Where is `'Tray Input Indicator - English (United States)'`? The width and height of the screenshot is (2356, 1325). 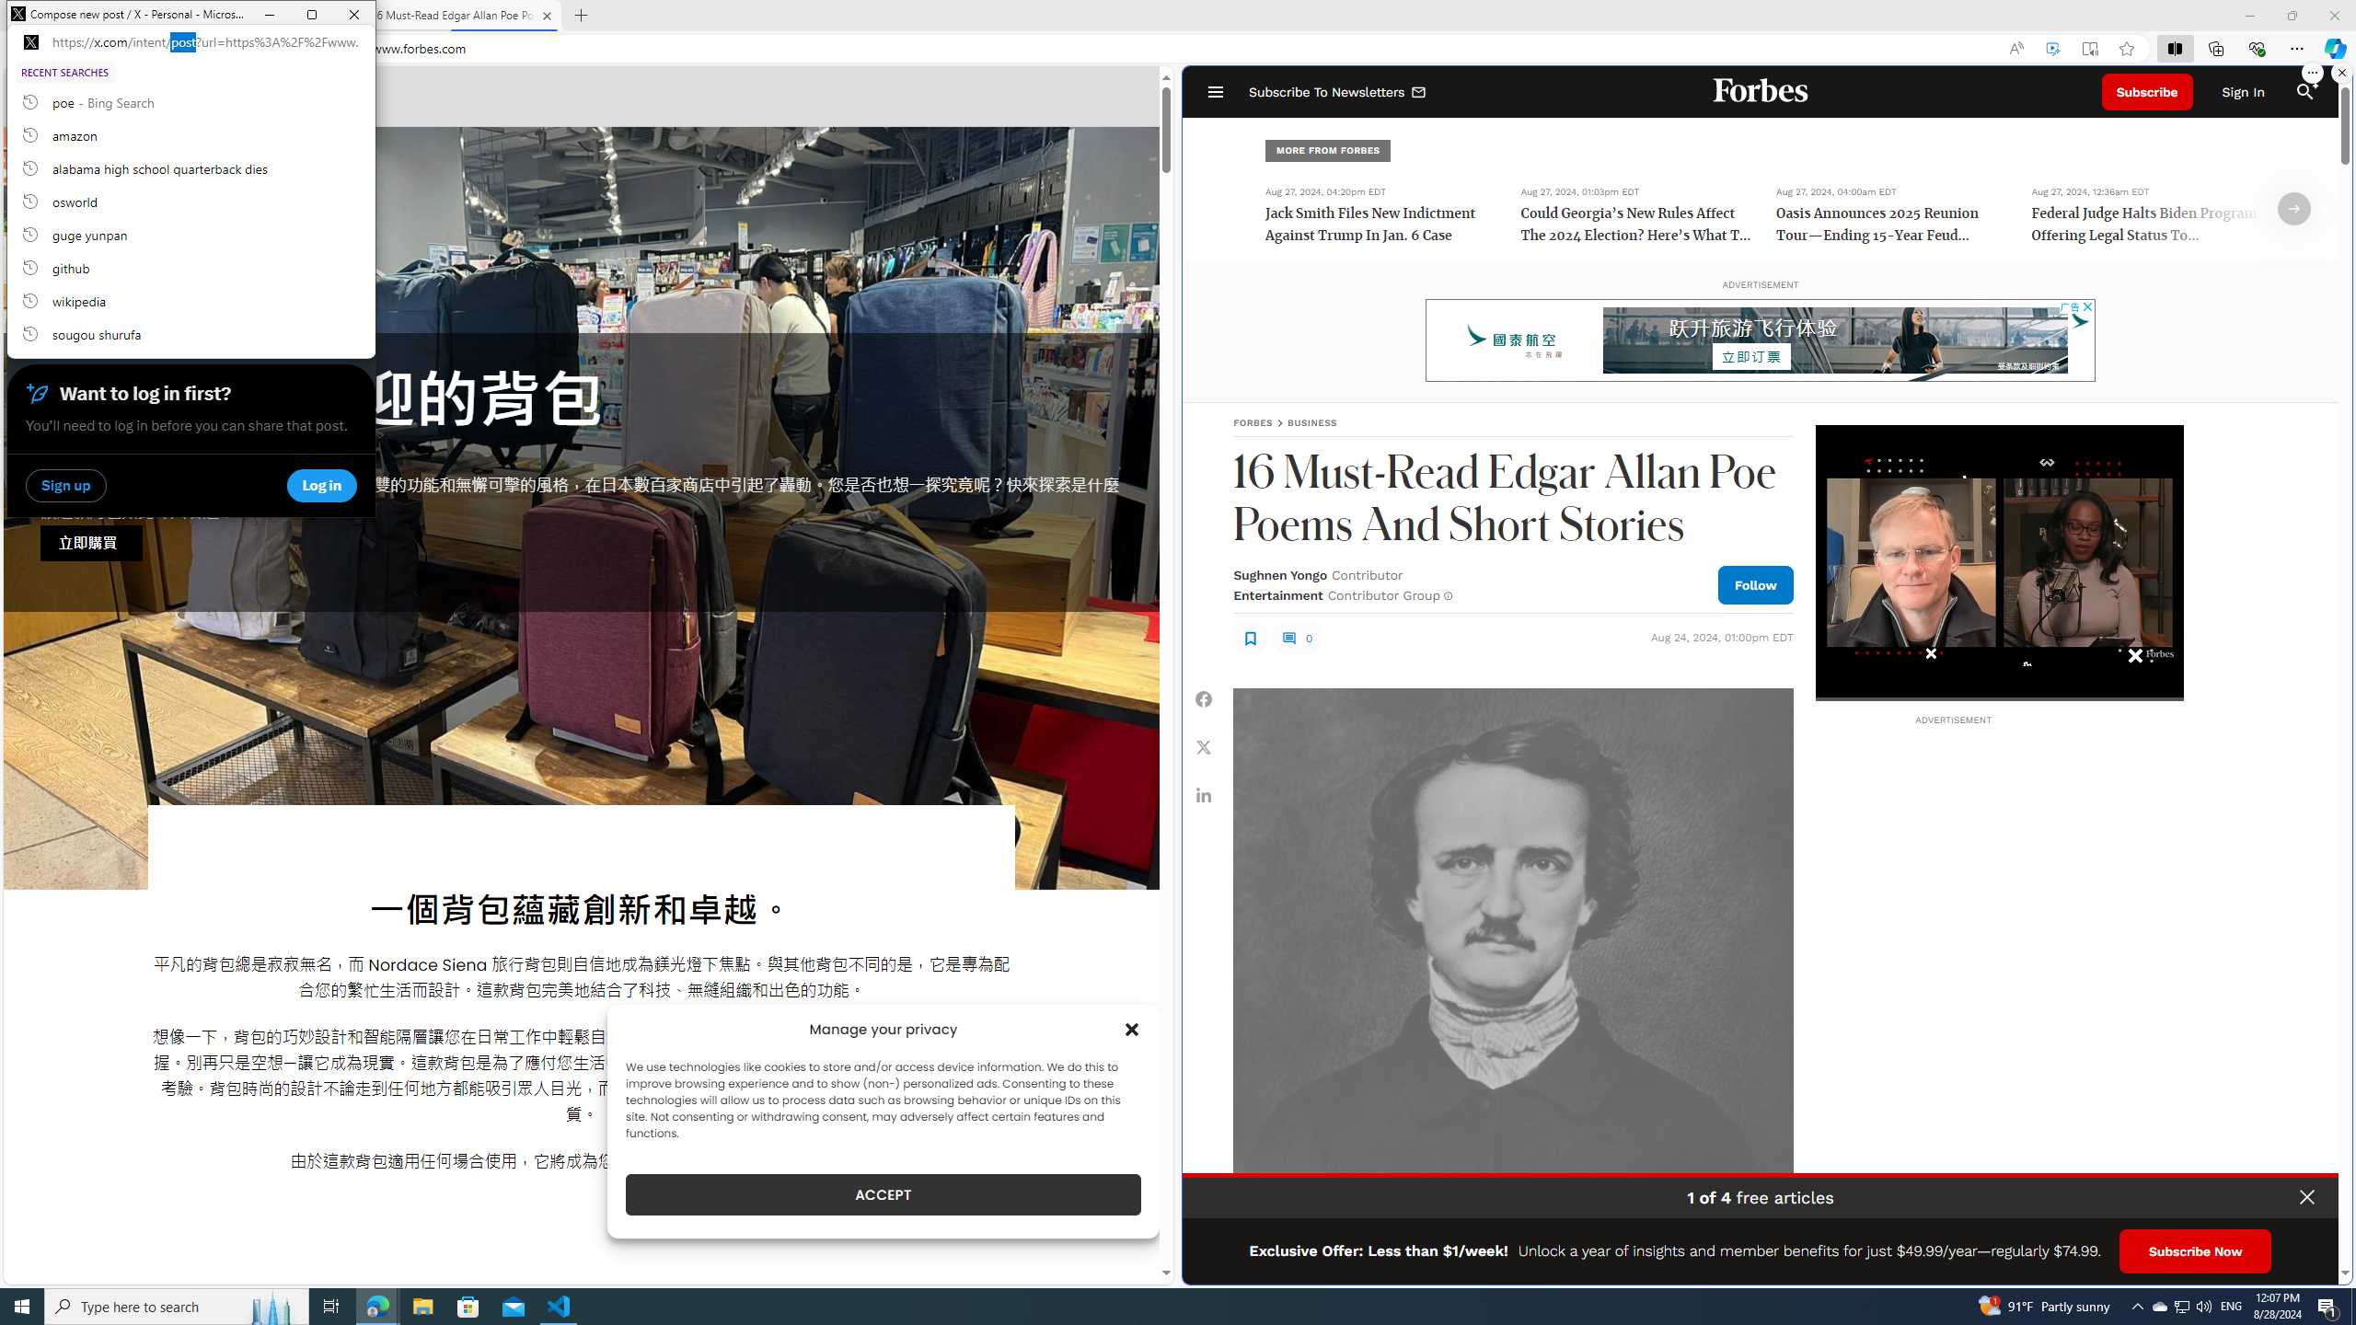
'Tray Input Indicator - English (United States)' is located at coordinates (2231, 1305).